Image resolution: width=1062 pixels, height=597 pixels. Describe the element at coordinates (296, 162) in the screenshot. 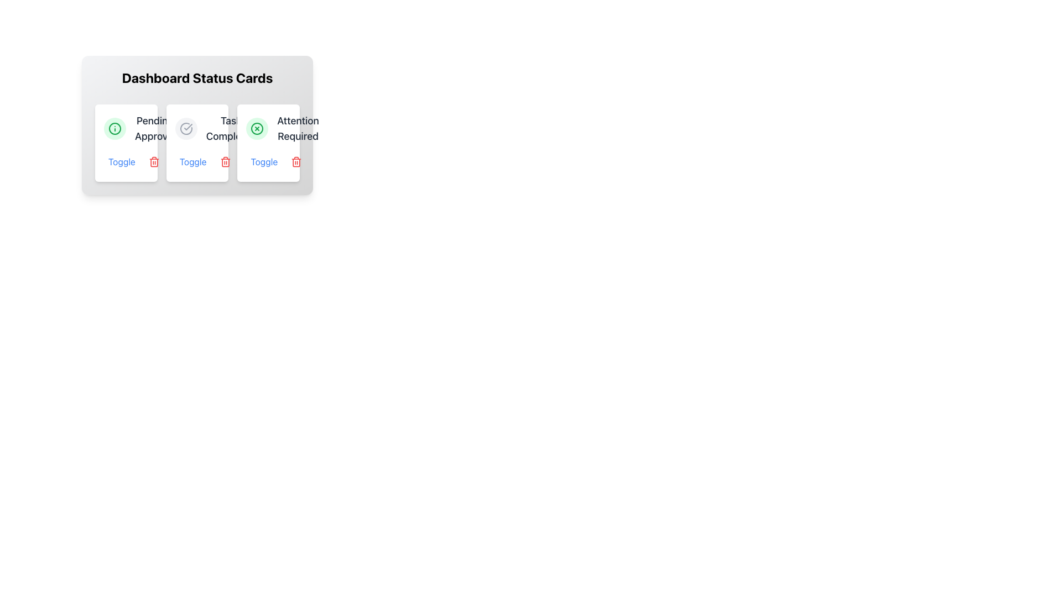

I see `the red trash icon button at the bottom right corner of the 'Attention Required' card` at that location.